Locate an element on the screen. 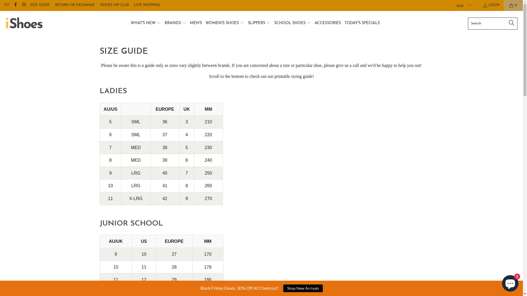 This screenshot has height=296, width=527. '0' is located at coordinates (513, 5).